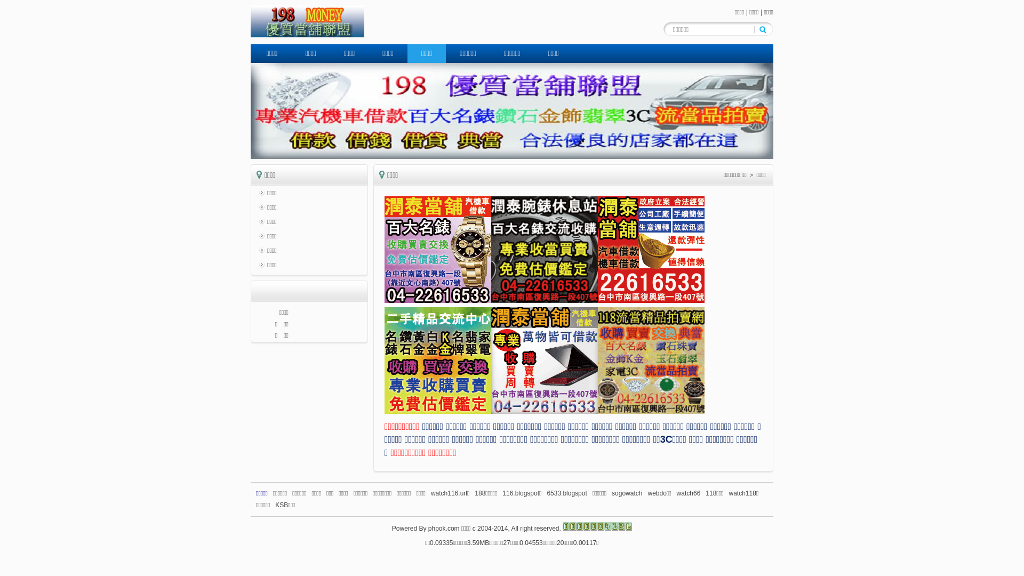 The image size is (1024, 576). What do you see at coordinates (547, 493) in the screenshot?
I see `'6533.blogspot'` at bounding box center [547, 493].